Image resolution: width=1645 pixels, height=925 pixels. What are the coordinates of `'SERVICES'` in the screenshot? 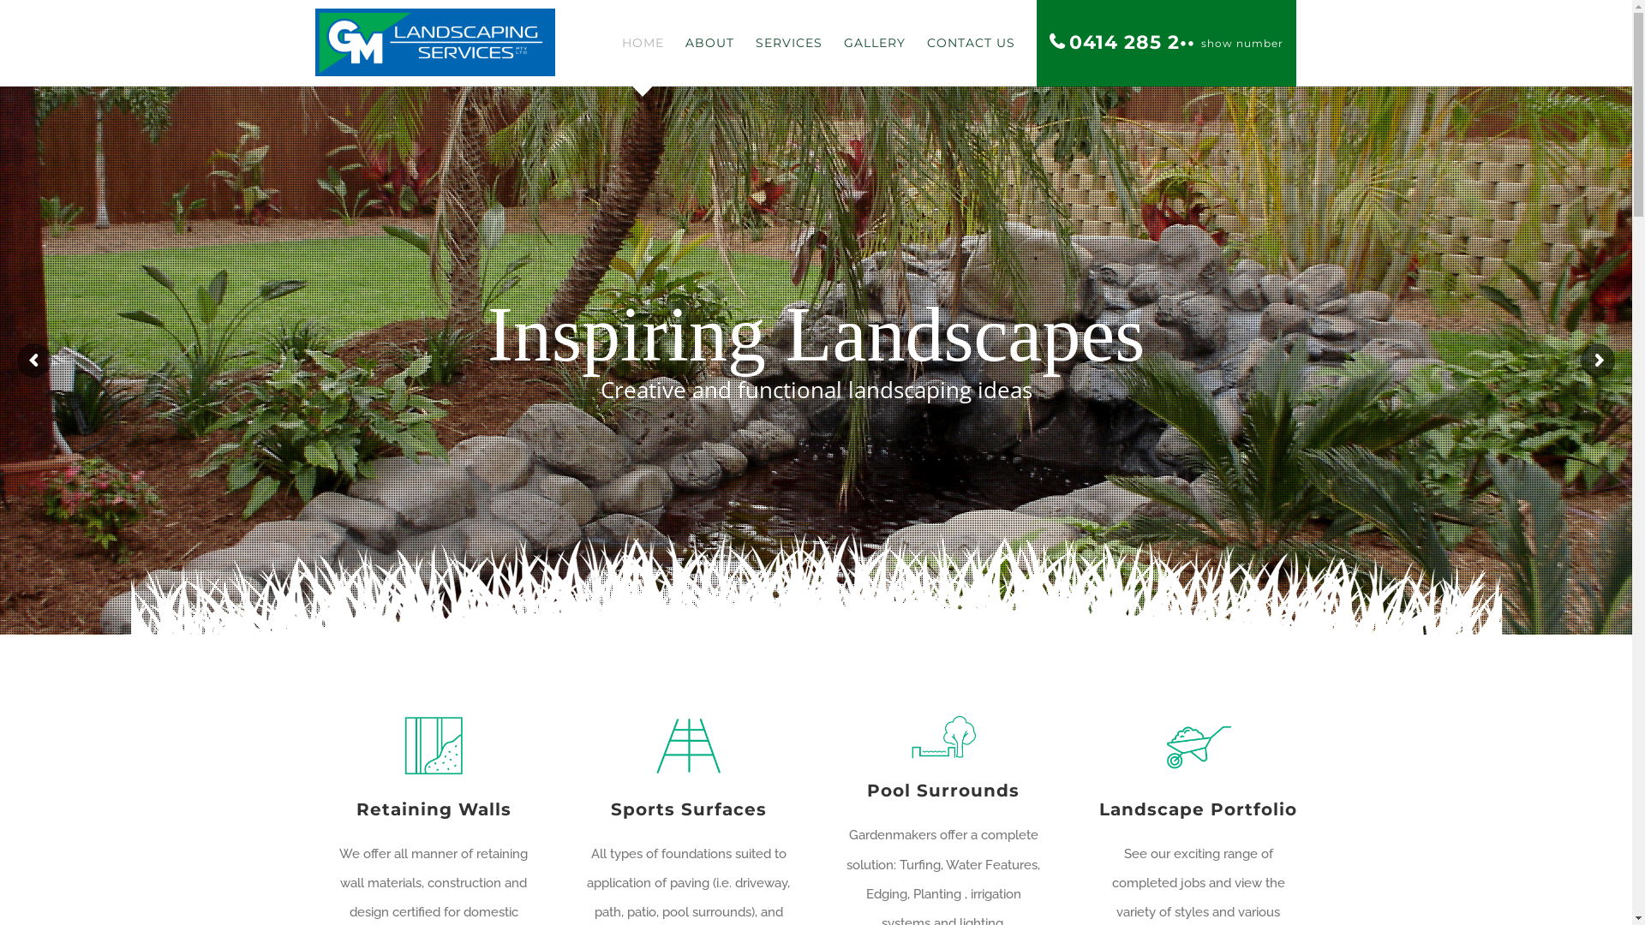 It's located at (788, 42).